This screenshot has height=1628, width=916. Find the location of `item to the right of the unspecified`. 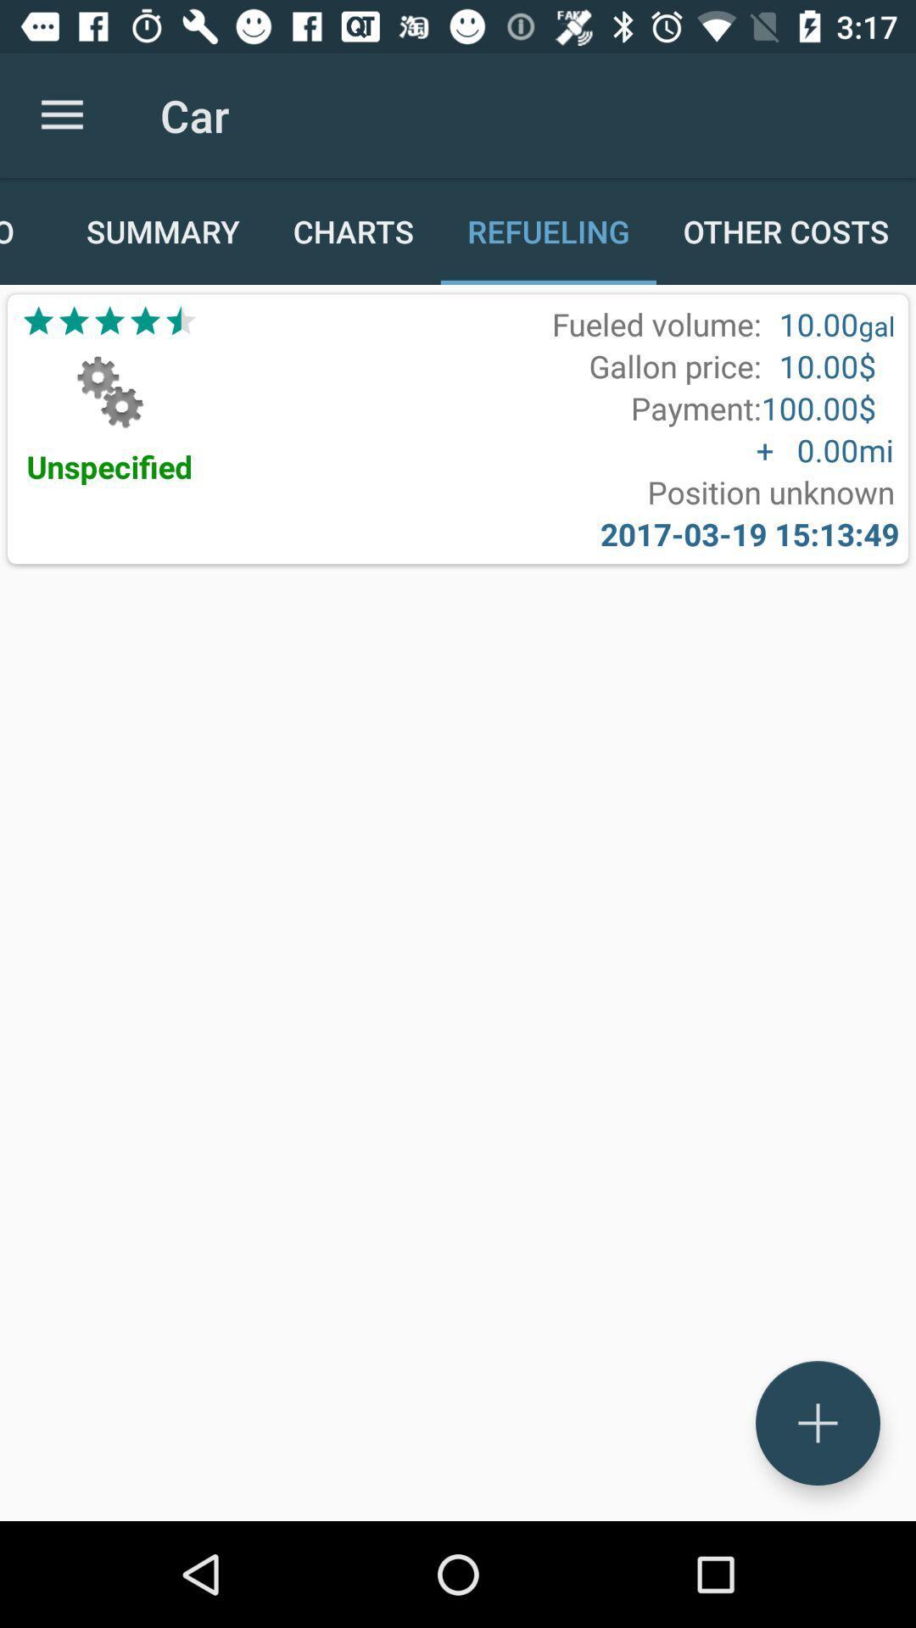

item to the right of the unspecified is located at coordinates (771, 491).